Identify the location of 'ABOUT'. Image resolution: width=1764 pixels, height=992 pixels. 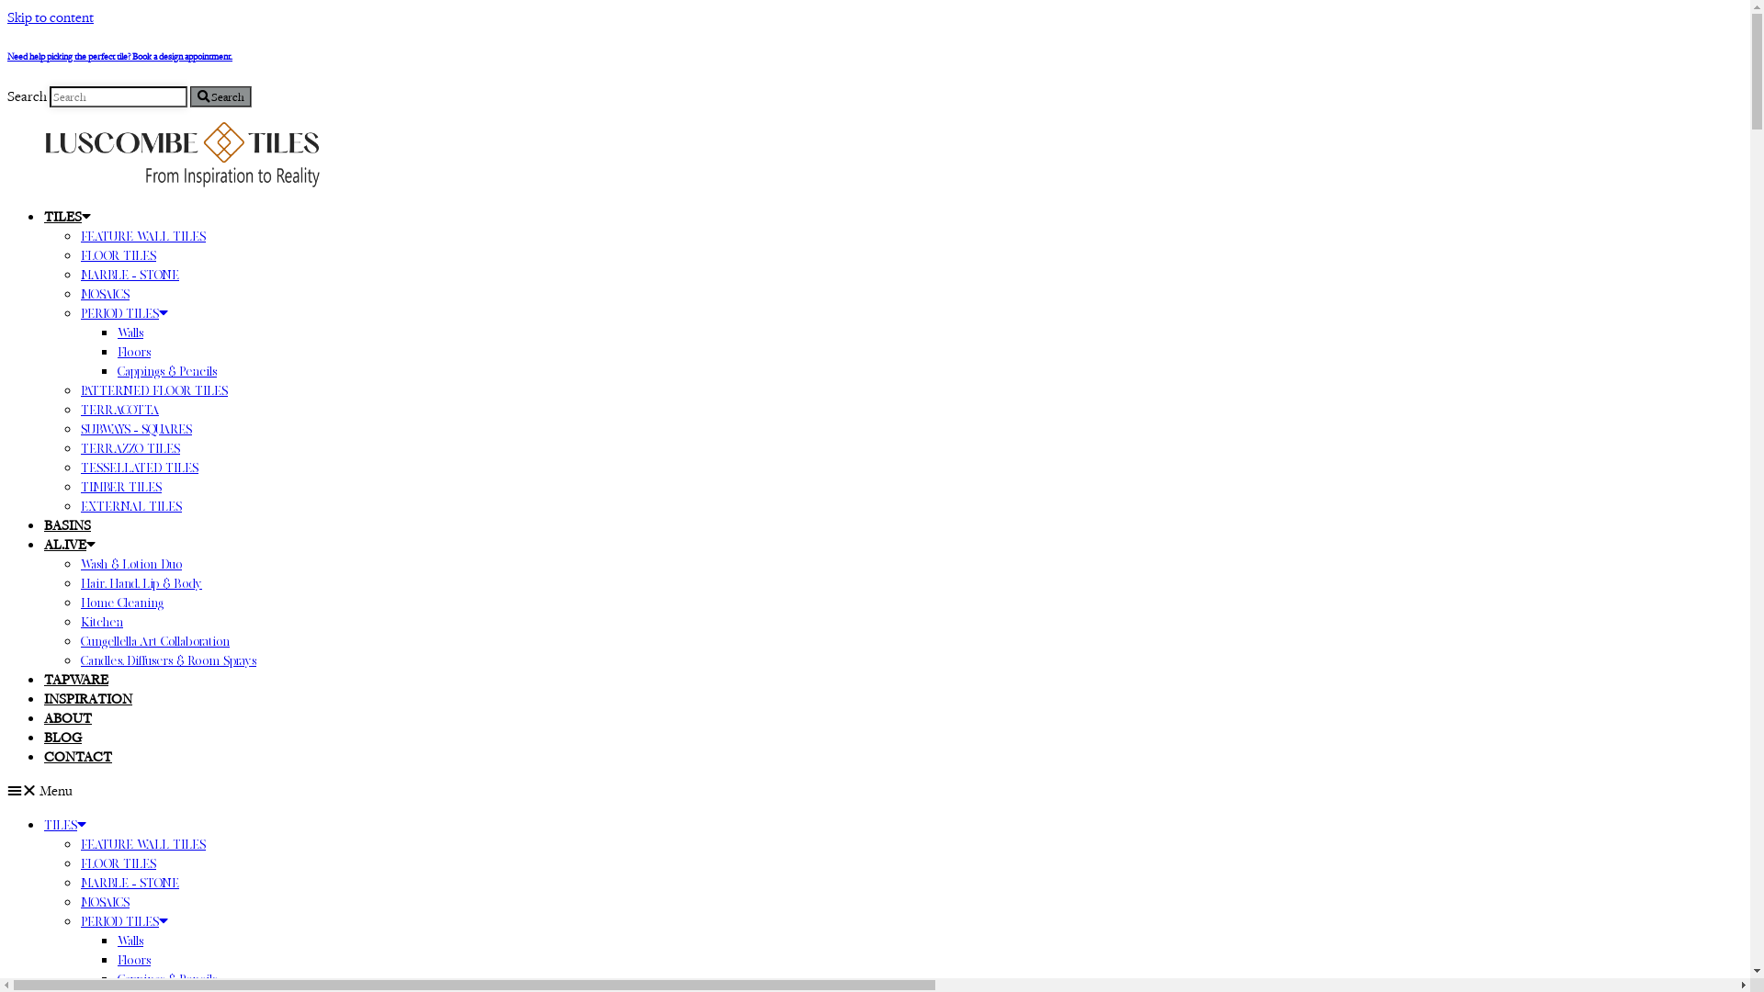
(67, 716).